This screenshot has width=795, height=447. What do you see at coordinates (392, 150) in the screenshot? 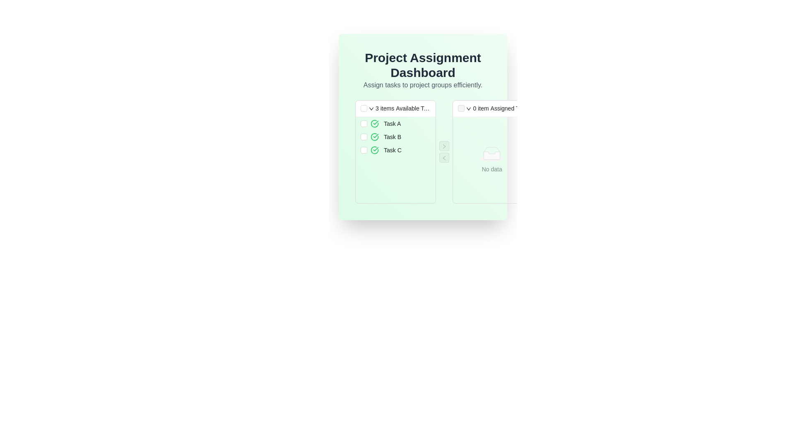
I see `the text label displaying 'Task C'` at bounding box center [392, 150].